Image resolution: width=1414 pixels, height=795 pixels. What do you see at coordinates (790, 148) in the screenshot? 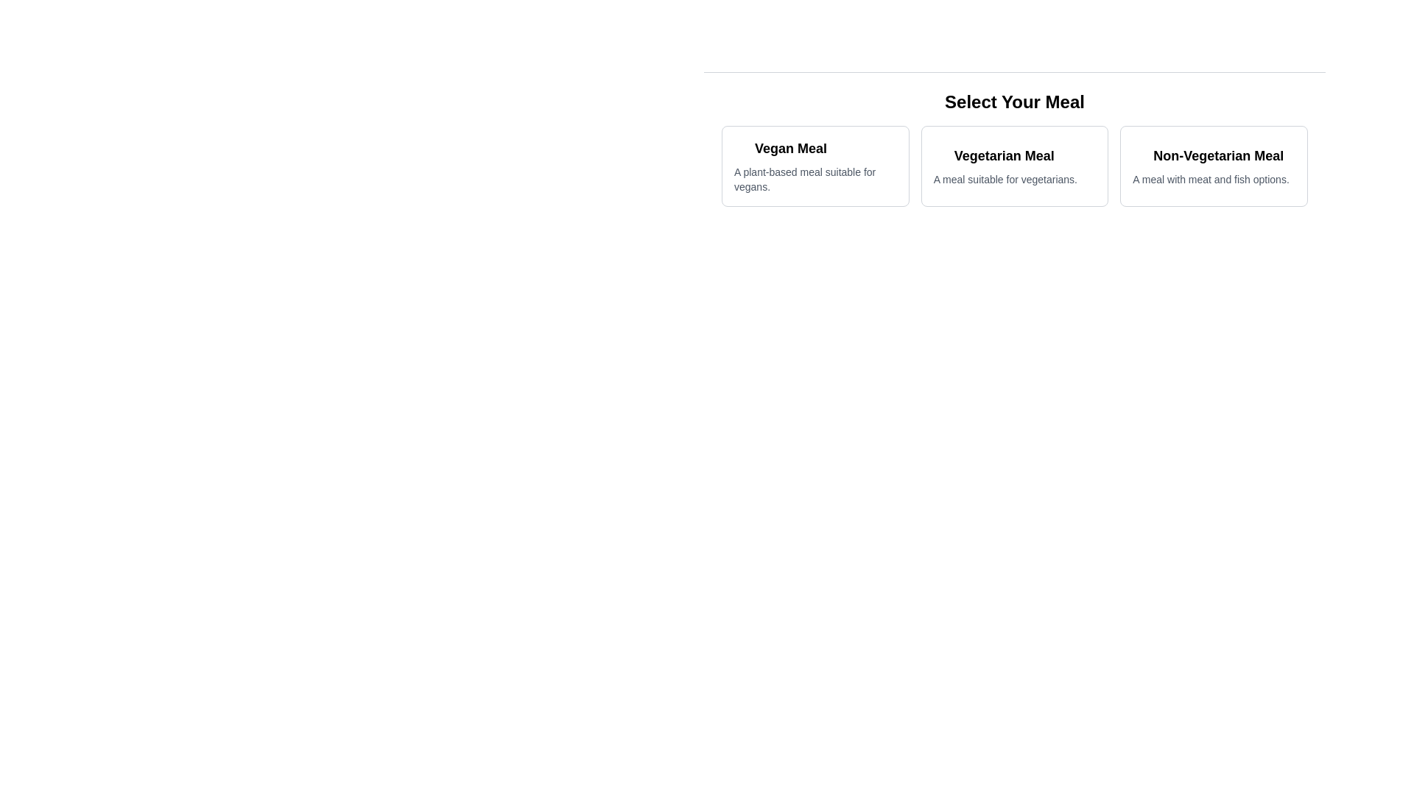
I see `text label that reads 'Vegan Meal', positioned at the top-left corner of the vegan meal card` at bounding box center [790, 148].